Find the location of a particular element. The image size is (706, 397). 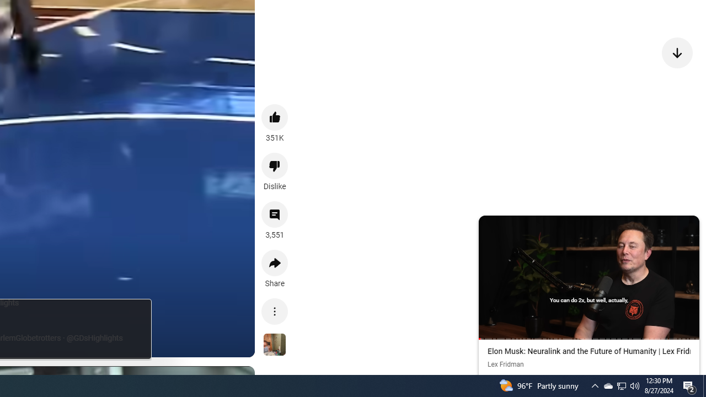

'Next video' is located at coordinates (677, 52).